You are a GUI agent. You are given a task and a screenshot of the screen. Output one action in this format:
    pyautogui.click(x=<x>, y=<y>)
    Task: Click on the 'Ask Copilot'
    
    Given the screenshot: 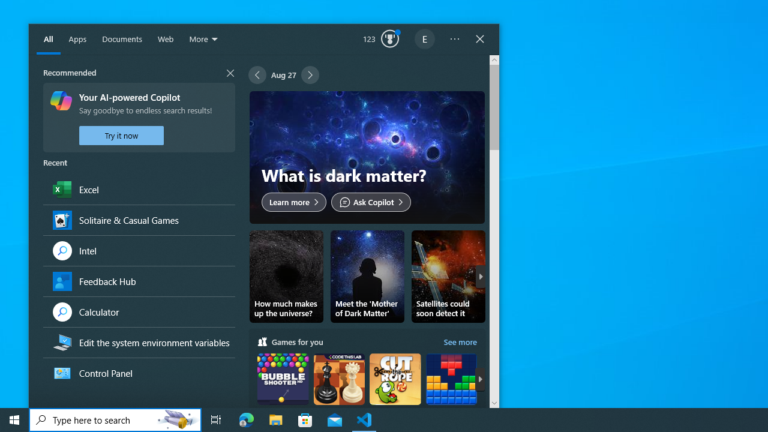 What is the action you would take?
    pyautogui.click(x=370, y=201)
    